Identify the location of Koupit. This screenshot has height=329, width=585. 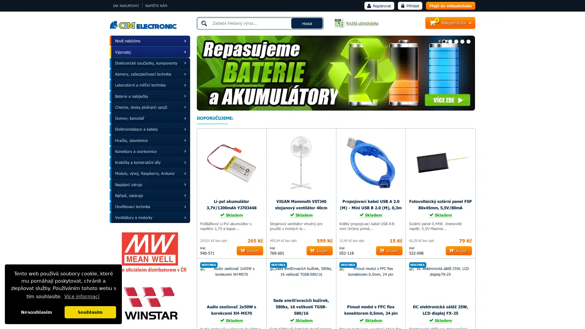
(388, 250).